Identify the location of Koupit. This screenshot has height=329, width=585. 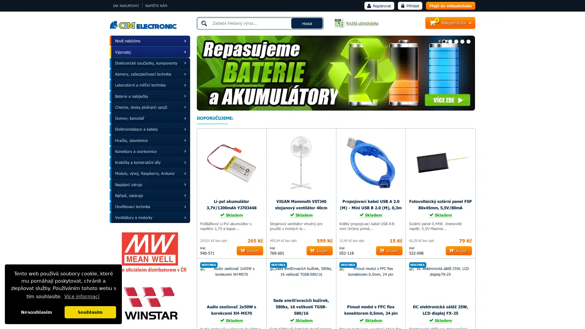
(388, 250).